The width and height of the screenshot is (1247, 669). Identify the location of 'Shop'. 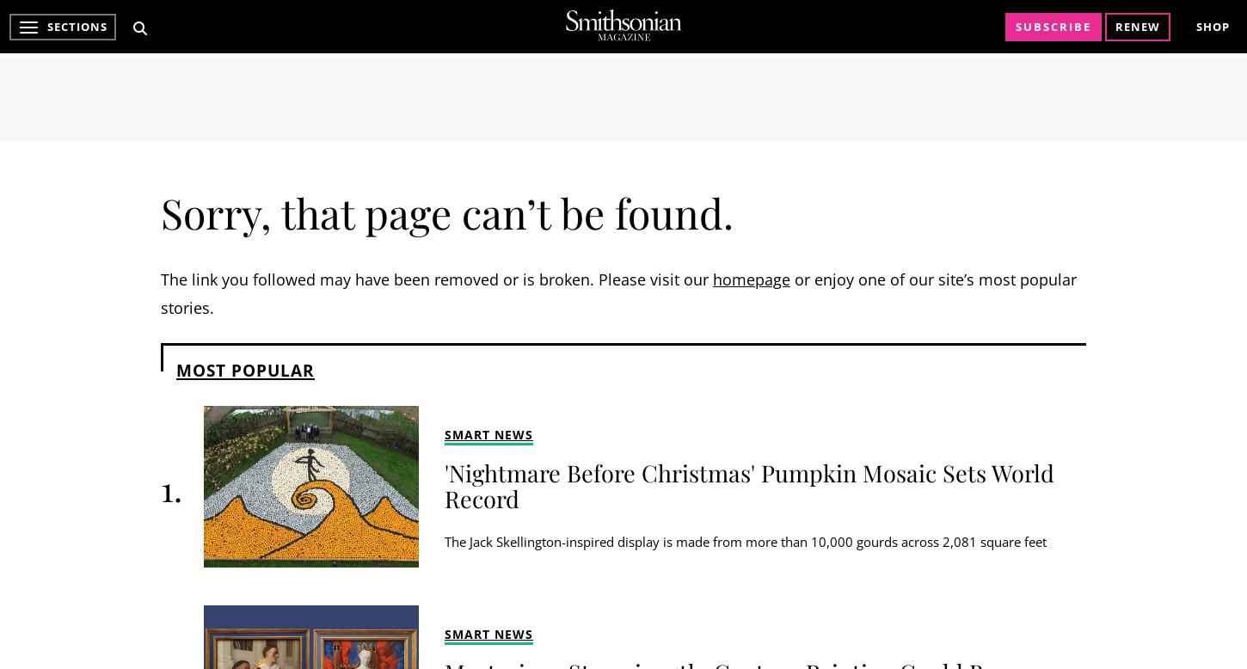
(1211, 26).